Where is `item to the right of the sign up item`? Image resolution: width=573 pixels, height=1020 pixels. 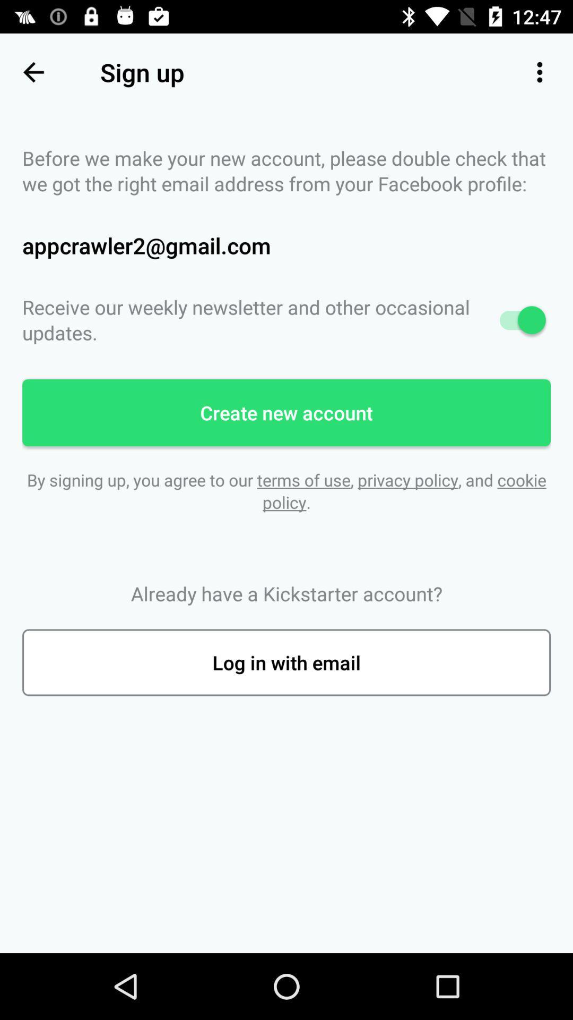
item to the right of the sign up item is located at coordinates (540, 72).